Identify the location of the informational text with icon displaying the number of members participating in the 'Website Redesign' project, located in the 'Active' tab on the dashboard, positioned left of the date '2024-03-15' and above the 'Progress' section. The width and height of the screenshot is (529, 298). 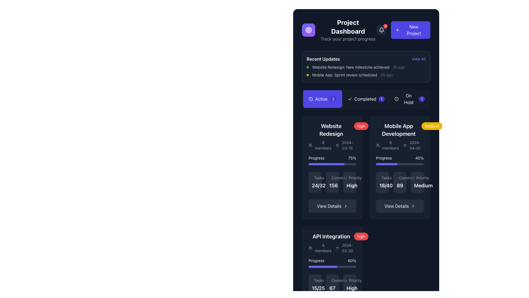
(320, 145).